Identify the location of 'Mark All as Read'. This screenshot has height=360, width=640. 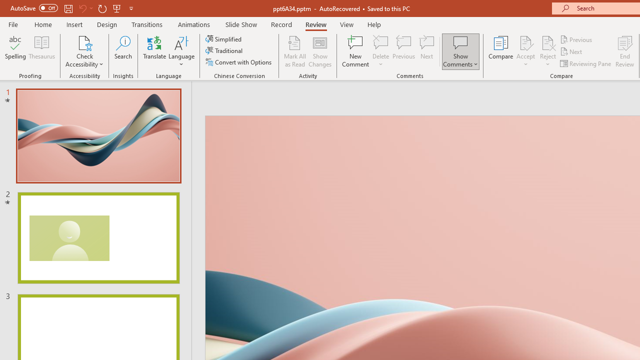
(294, 51).